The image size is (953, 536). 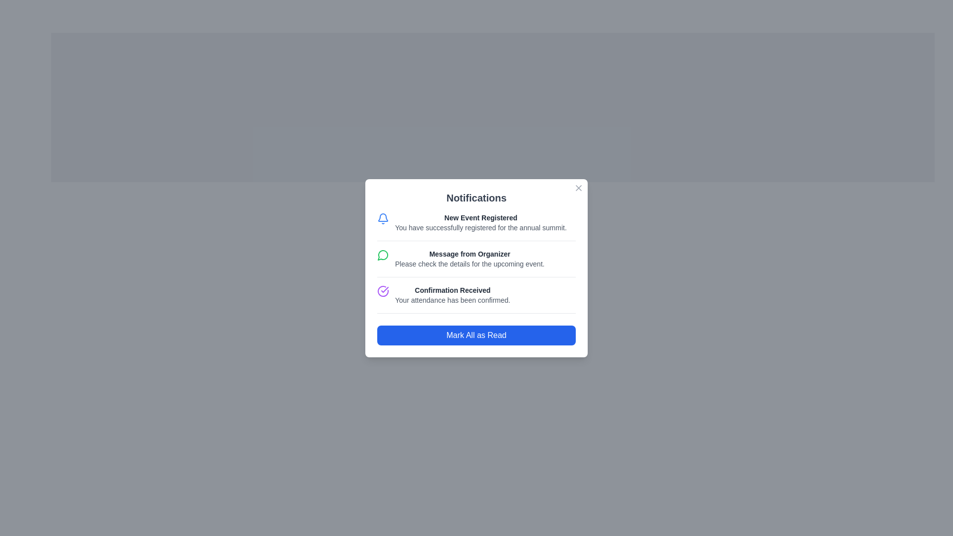 What do you see at coordinates (476, 268) in the screenshot?
I see `any notification in the Notification list located below the 'Notifications' header` at bounding box center [476, 268].